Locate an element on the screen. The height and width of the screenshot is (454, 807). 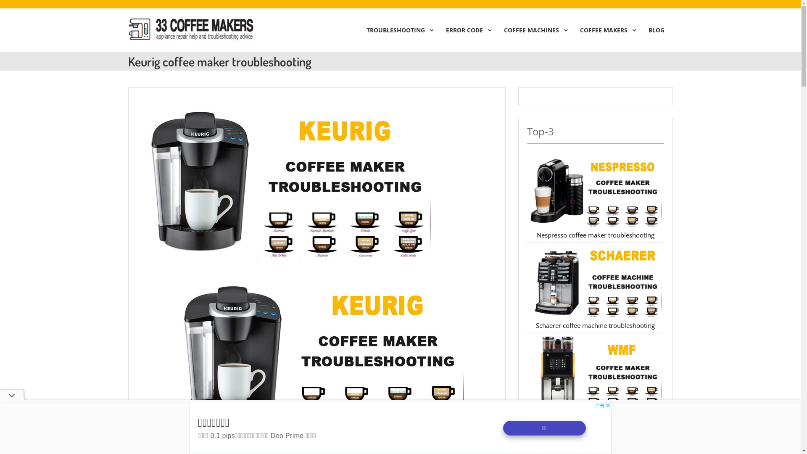
'Nespresso coffee maker troubleshooting' is located at coordinates (595, 235).